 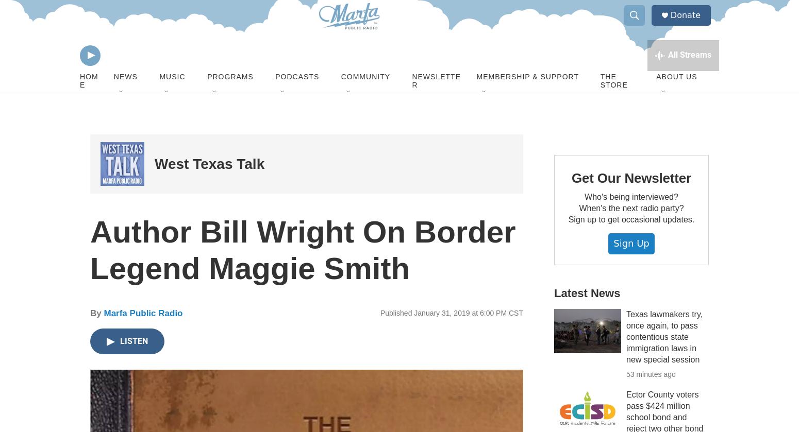 I want to click on 'West Texas Talk', so click(x=209, y=189).